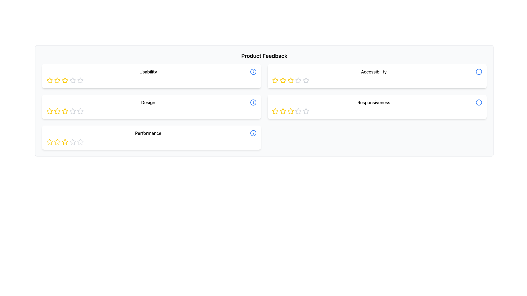 This screenshot has height=296, width=527. What do you see at coordinates (65, 141) in the screenshot?
I see `the second yellow outlined star icon with a white fill in the rating system for the 'Performance' category, located in the bottom-left panel of the interface` at bounding box center [65, 141].